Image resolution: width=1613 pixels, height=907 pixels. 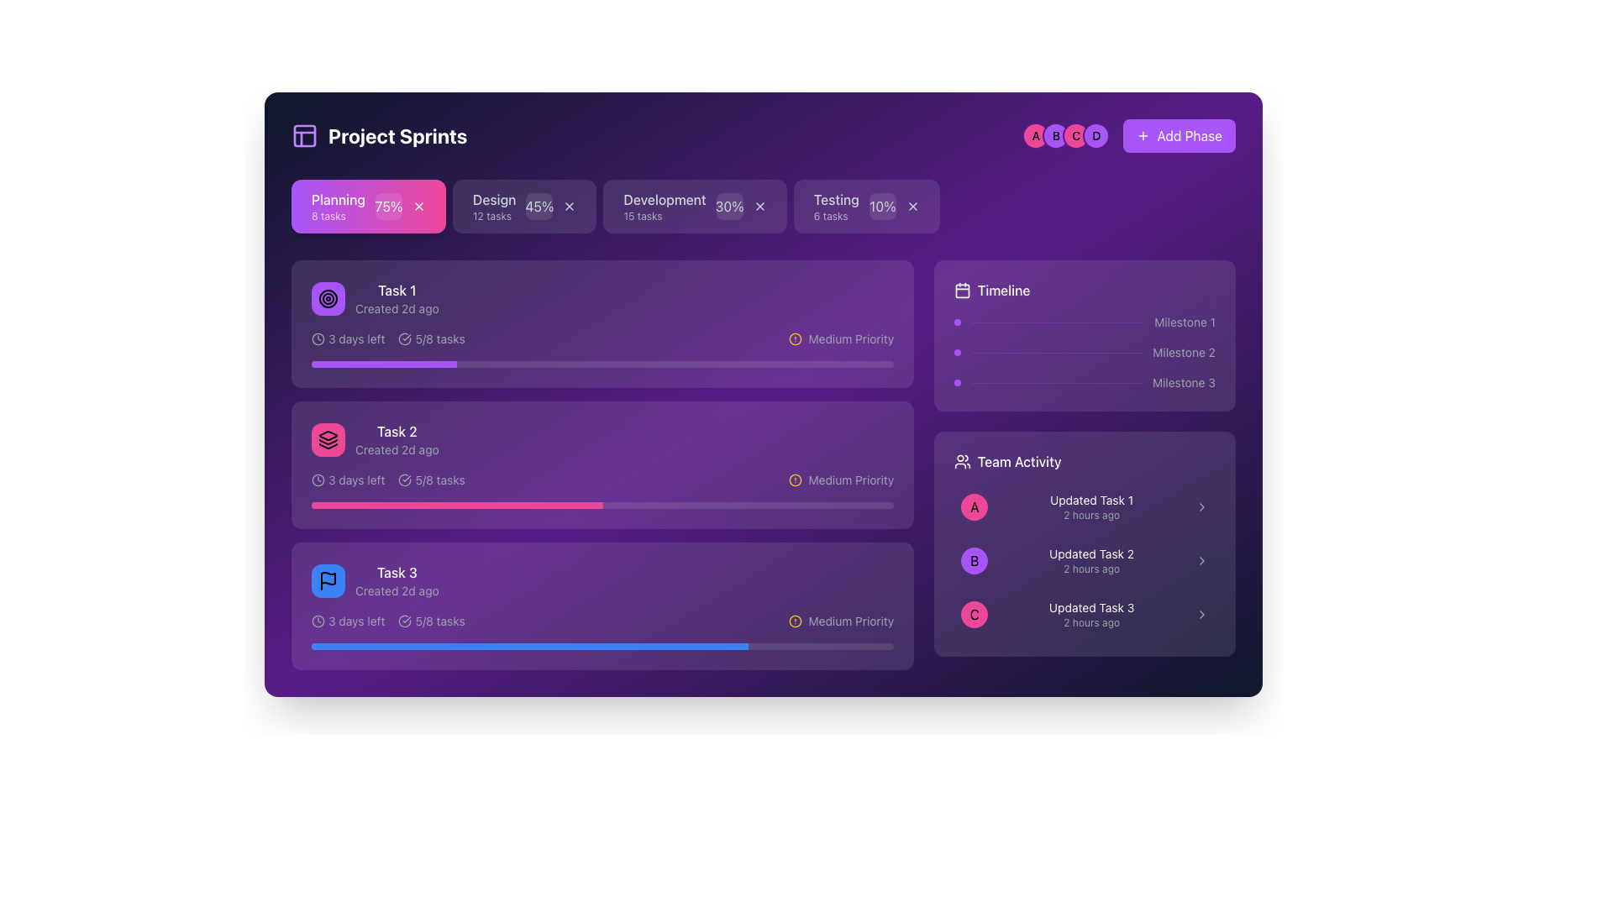 I want to click on the task display list item labeled 'Task 3' to understand the task's creation time, so click(x=374, y=579).